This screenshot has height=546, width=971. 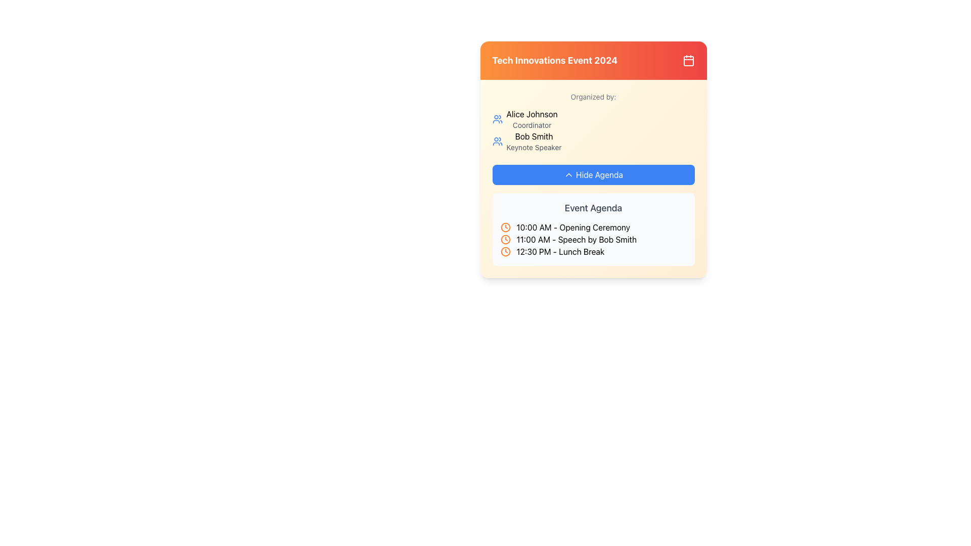 I want to click on the agenda item displaying '10:00 AM - Opening Ceremony' with a clock icon on its left, located in the 'Event Agenda' section, so click(x=593, y=227).